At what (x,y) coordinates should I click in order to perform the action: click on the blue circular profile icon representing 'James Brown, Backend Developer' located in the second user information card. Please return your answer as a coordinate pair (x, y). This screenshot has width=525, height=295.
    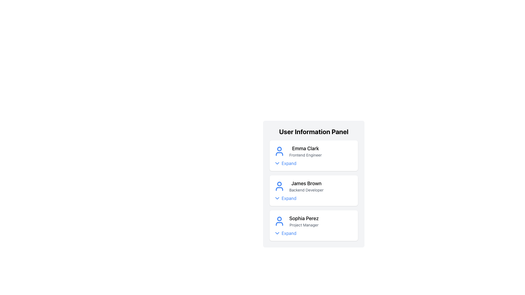
    Looking at the image, I should click on (279, 184).